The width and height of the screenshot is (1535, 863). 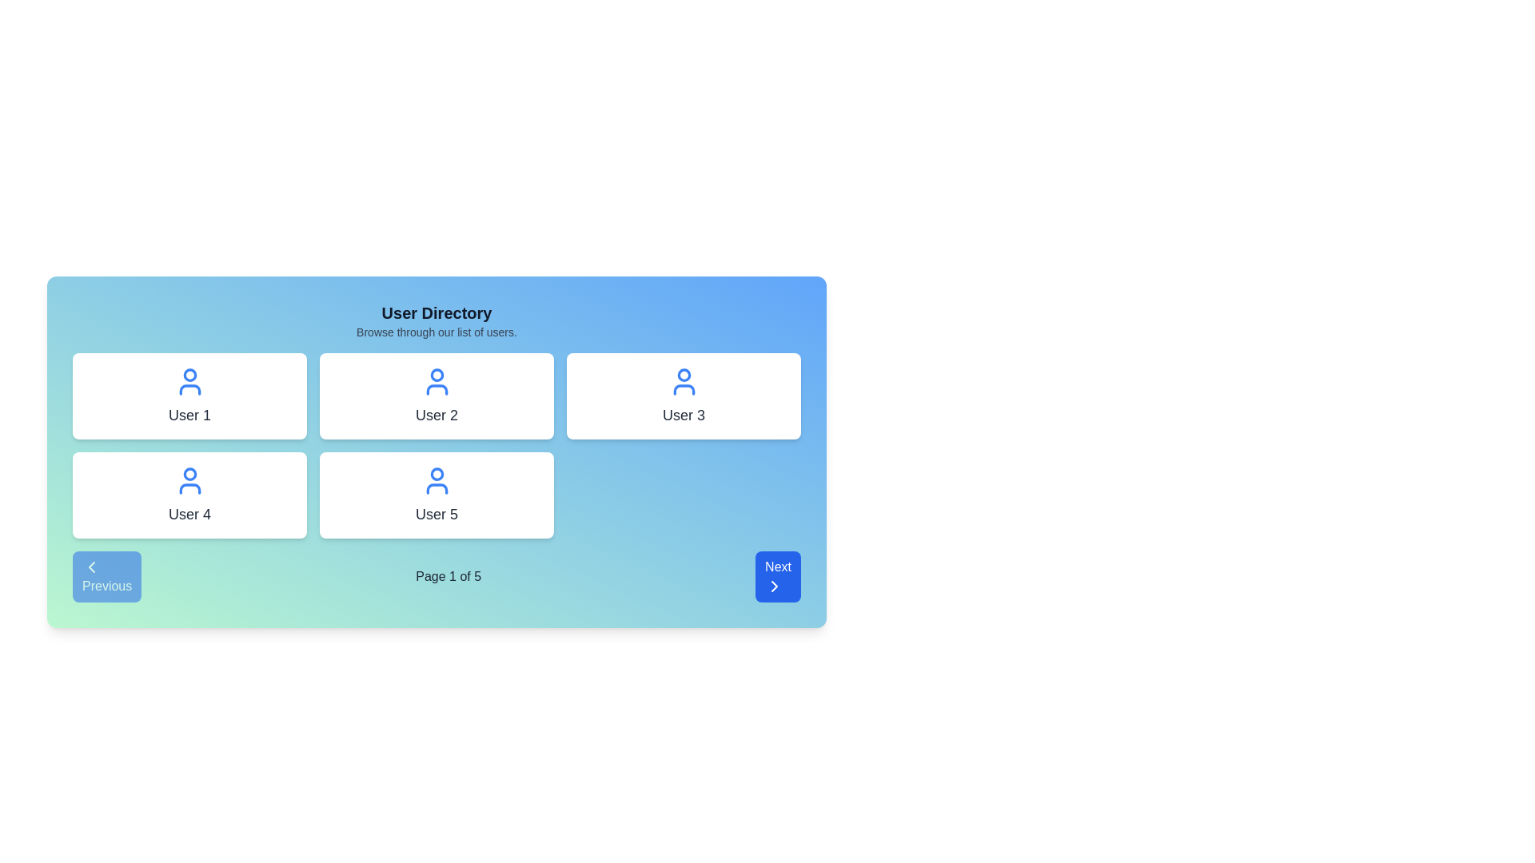 What do you see at coordinates (775, 586) in the screenshot?
I see `the arrow-shaped icon pointing to the right, which is part of the 'Next' button located in the bottom-right corner of the user directory interface` at bounding box center [775, 586].